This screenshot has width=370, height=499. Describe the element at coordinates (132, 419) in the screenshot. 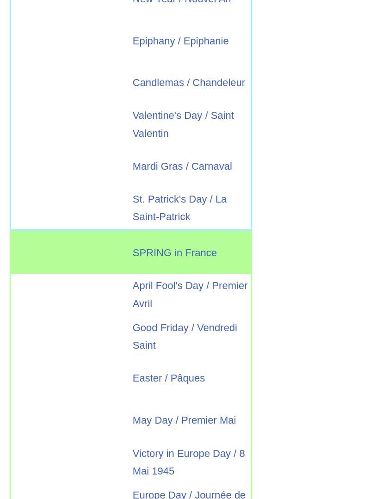

I see `'May Day / Premier Mai'` at that location.